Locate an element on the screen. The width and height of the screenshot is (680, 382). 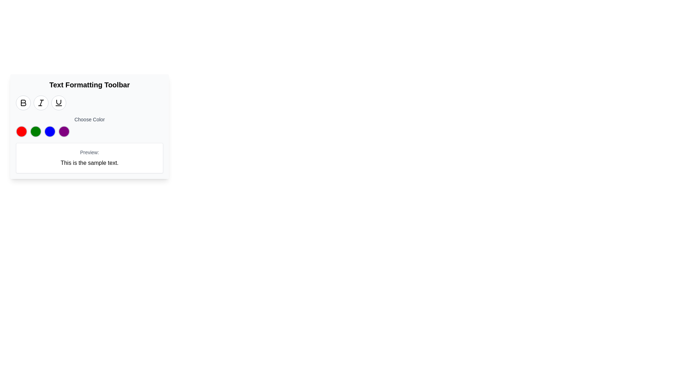
the underlining button, which is the third button in the row of formatting options in the text editor, to observe visual feedback is located at coordinates (59, 103).